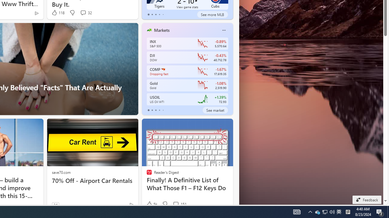 This screenshot has width=389, height=218. What do you see at coordinates (223, 30) in the screenshot?
I see `'Class: icon-img'` at bounding box center [223, 30].